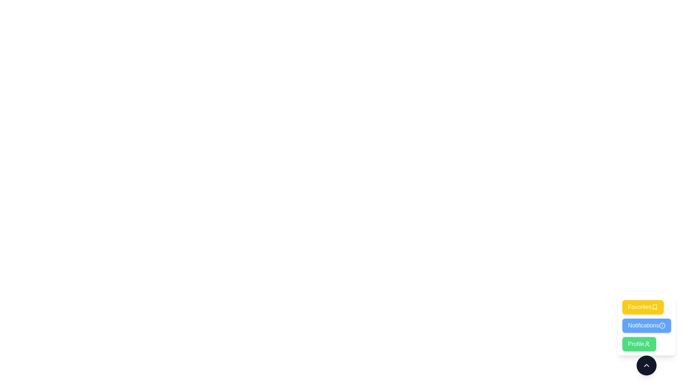 The image size is (684, 384). What do you see at coordinates (647, 325) in the screenshot?
I see `the Notifications button to select the corresponding option` at bounding box center [647, 325].